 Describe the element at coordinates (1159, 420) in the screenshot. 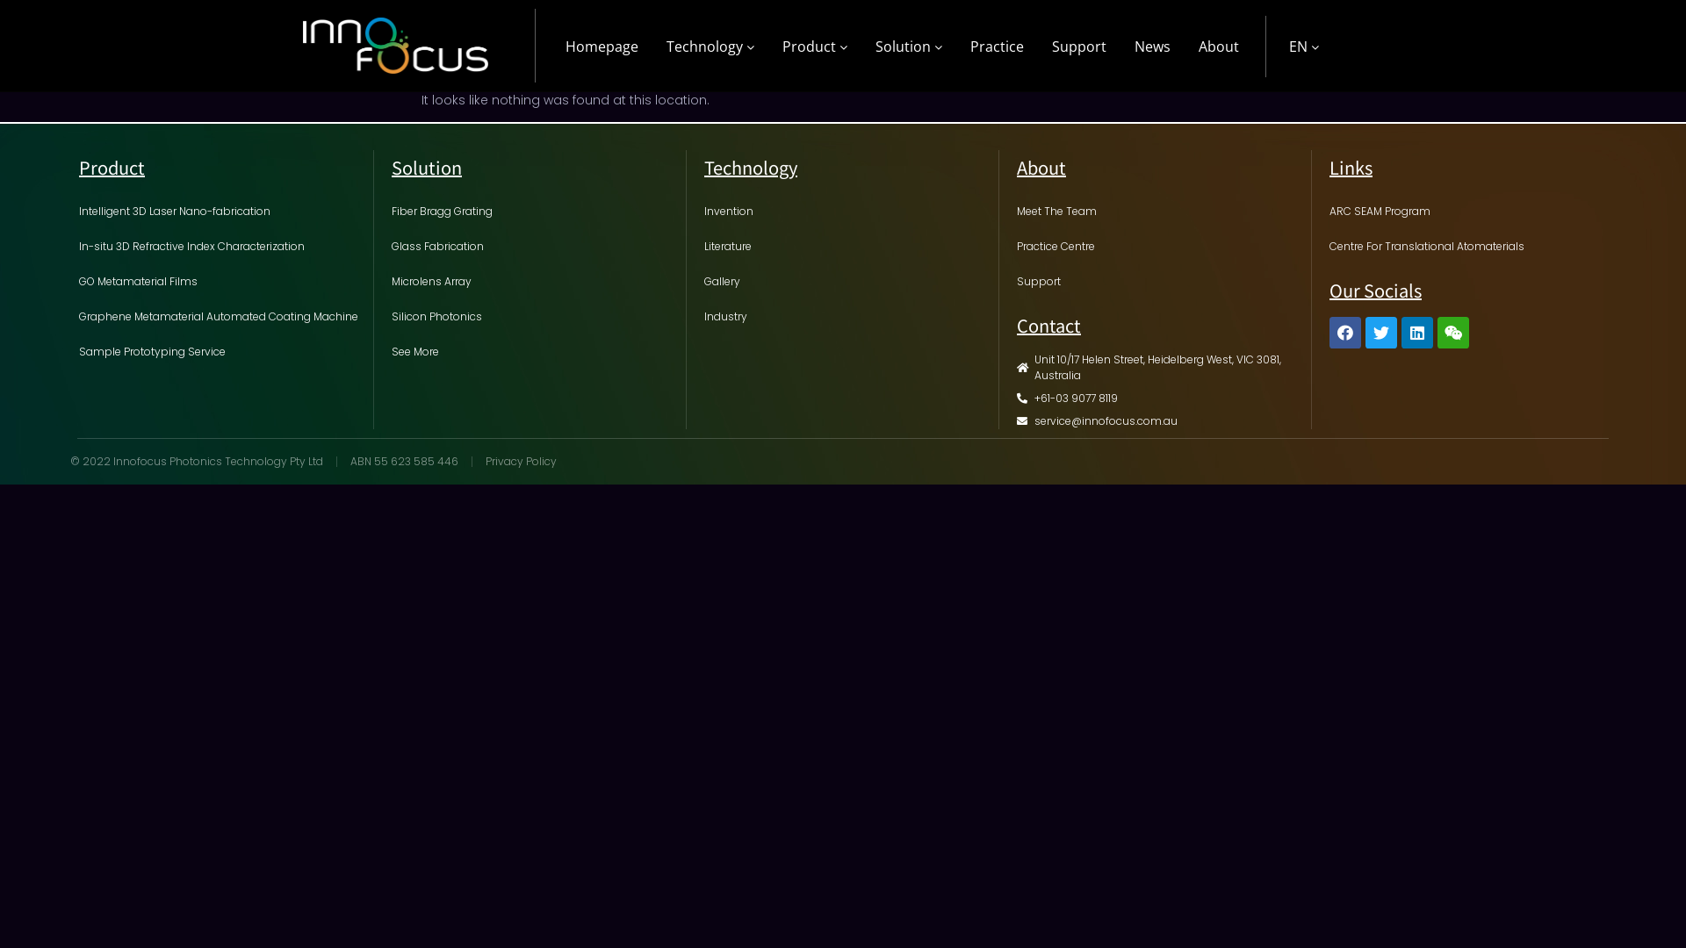

I see `'service@innofocus.com.au'` at that location.